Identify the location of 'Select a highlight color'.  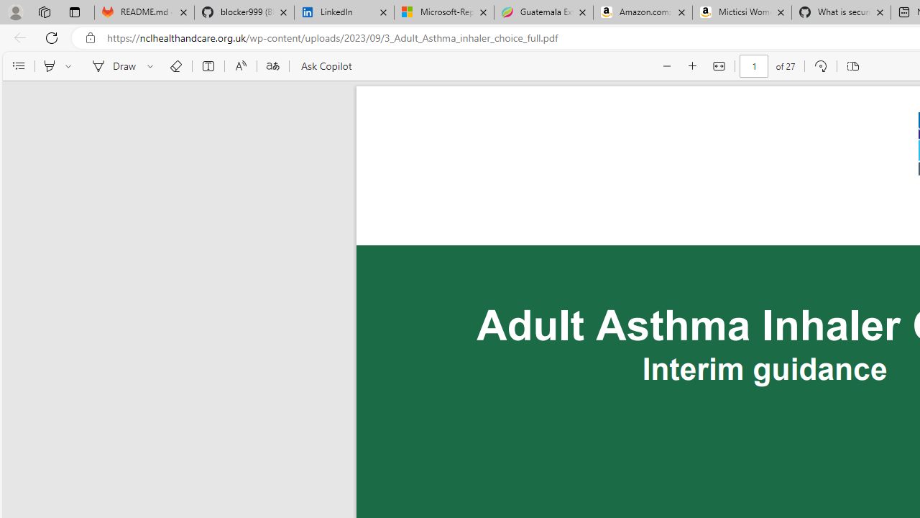
(70, 66).